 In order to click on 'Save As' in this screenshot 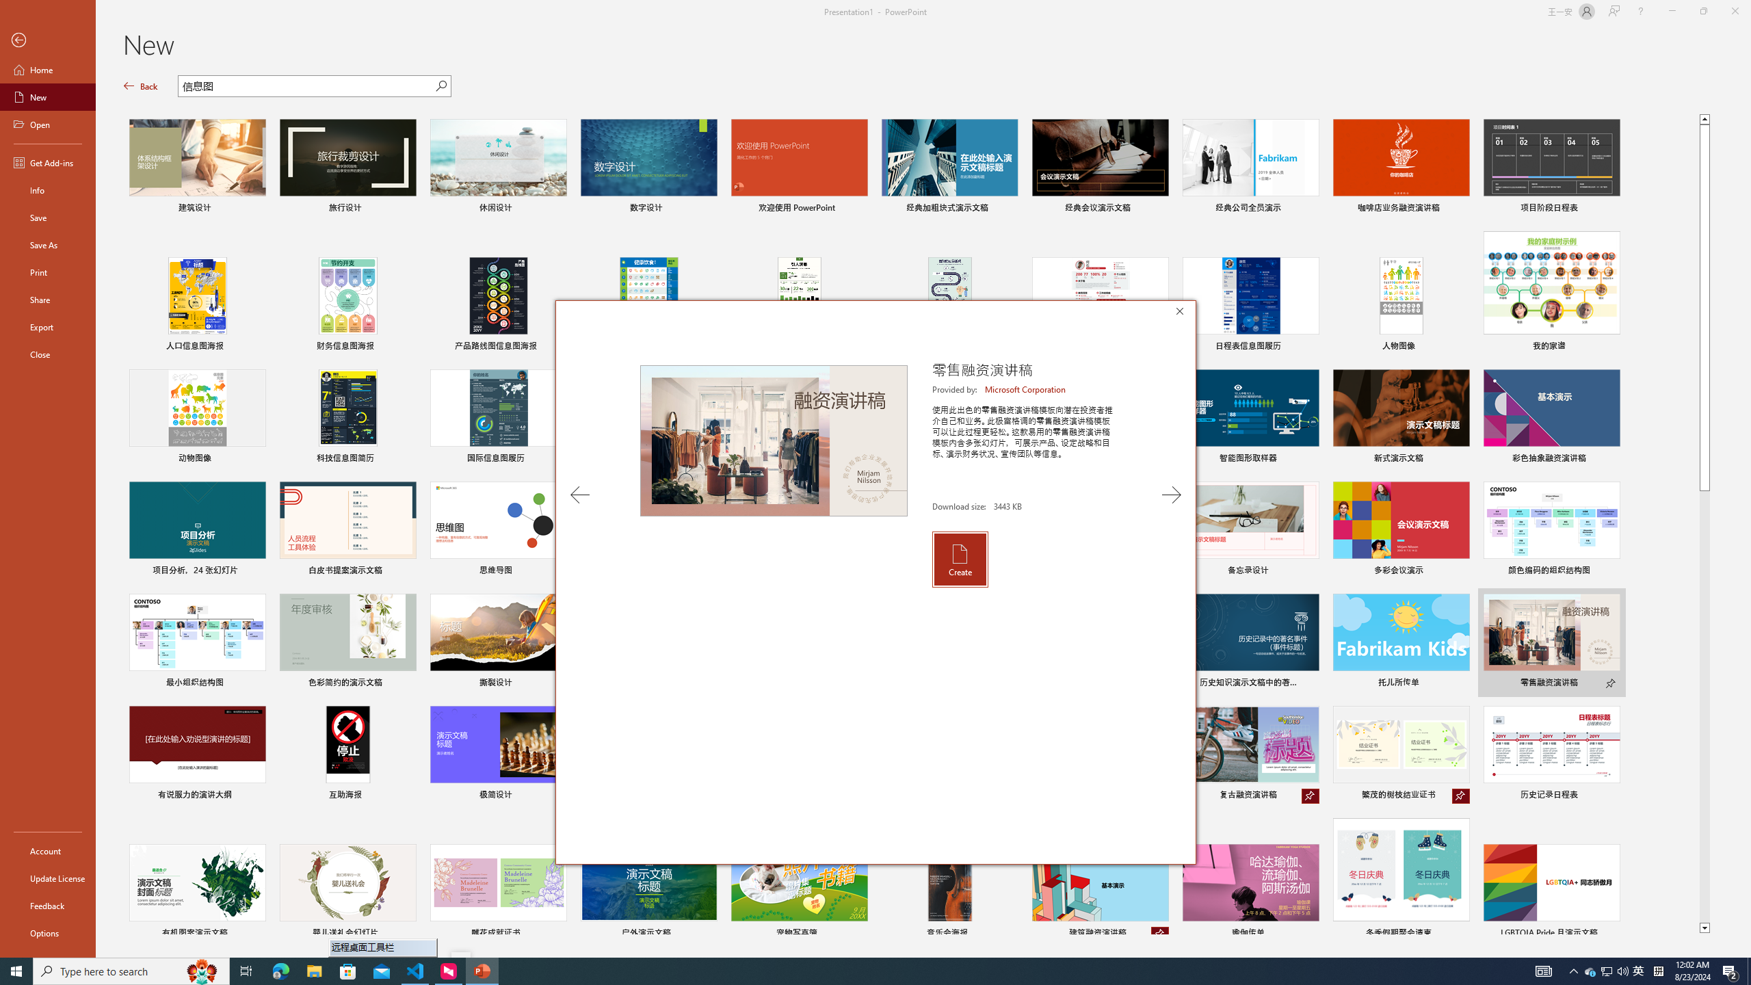, I will do `click(47, 244)`.